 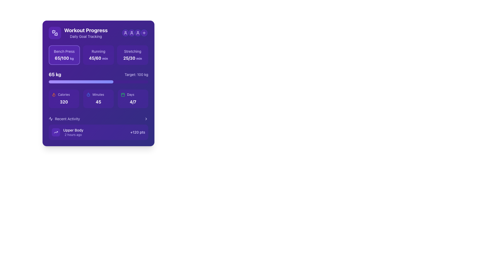 What do you see at coordinates (64, 51) in the screenshot?
I see `text label displaying 'Bench Press' which is styled in violet font and positioned at the top-left of a violet-highlighted card block` at bounding box center [64, 51].